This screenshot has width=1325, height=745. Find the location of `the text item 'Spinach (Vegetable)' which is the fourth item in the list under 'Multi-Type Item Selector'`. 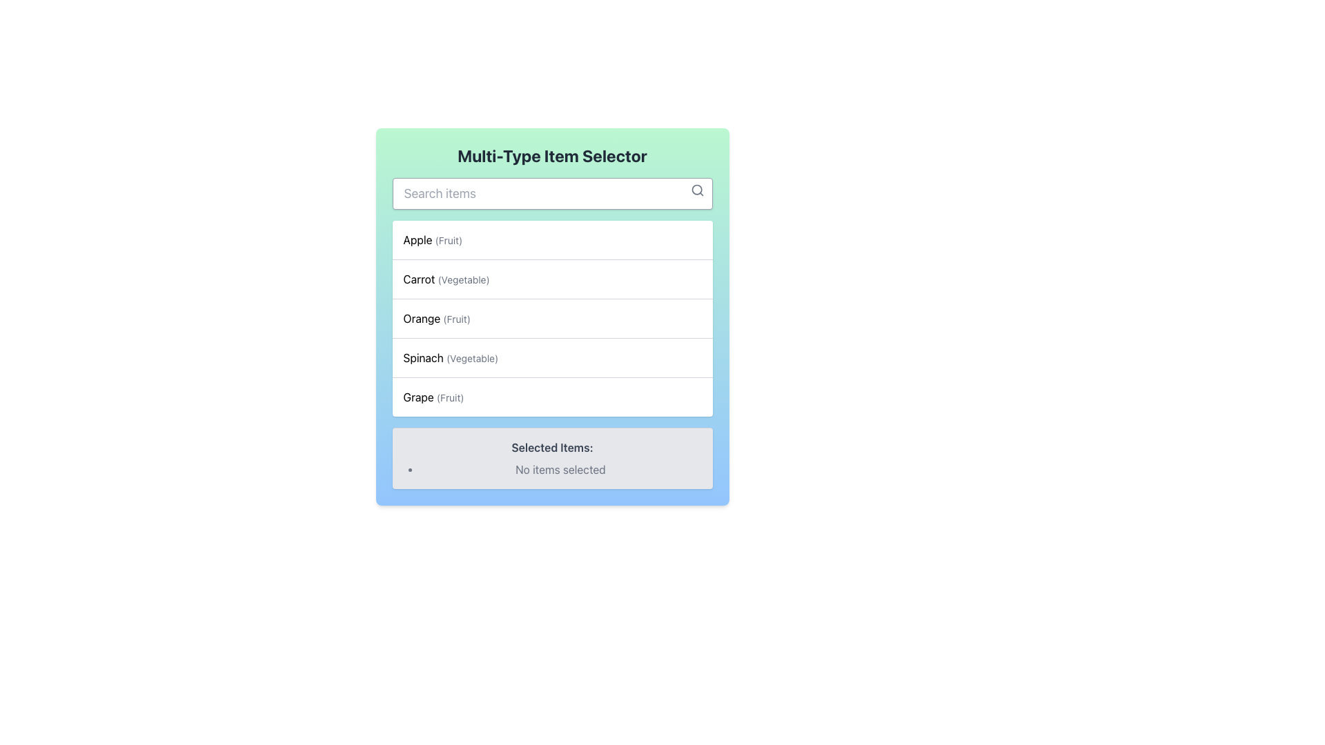

the text item 'Spinach (Vegetable)' which is the fourth item in the list under 'Multi-Type Item Selector' is located at coordinates (451, 357).